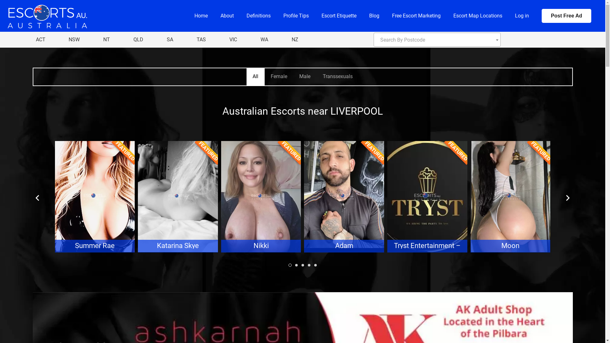 This screenshot has height=343, width=610. Describe the element at coordinates (522, 16) in the screenshot. I see `'Log in'` at that location.